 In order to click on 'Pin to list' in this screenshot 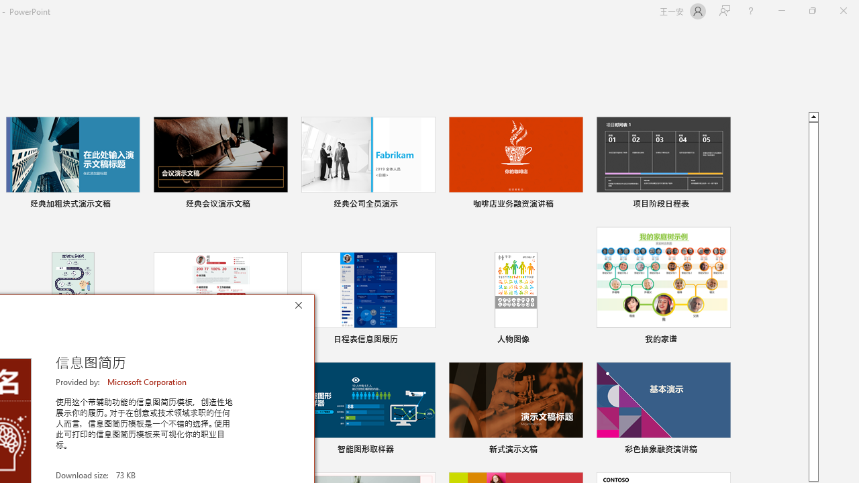, I will do `click(721, 451)`.